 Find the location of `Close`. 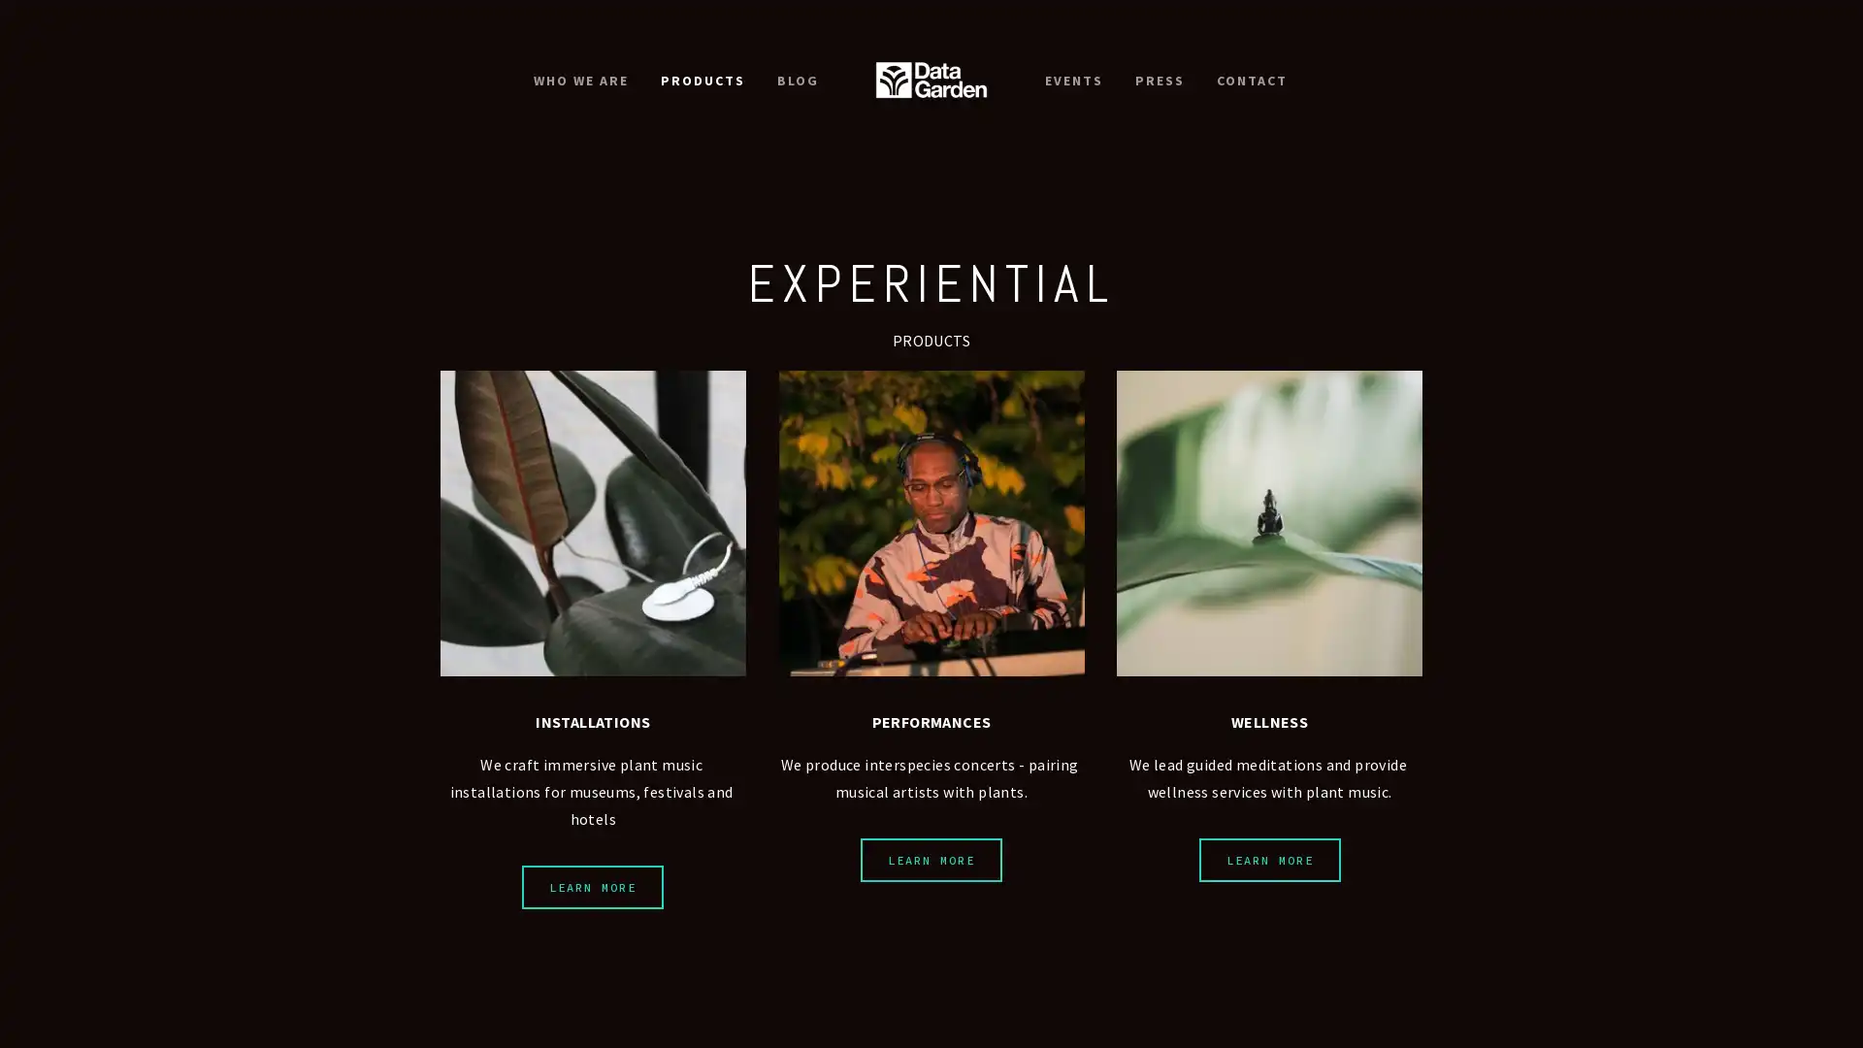

Close is located at coordinates (1218, 269).